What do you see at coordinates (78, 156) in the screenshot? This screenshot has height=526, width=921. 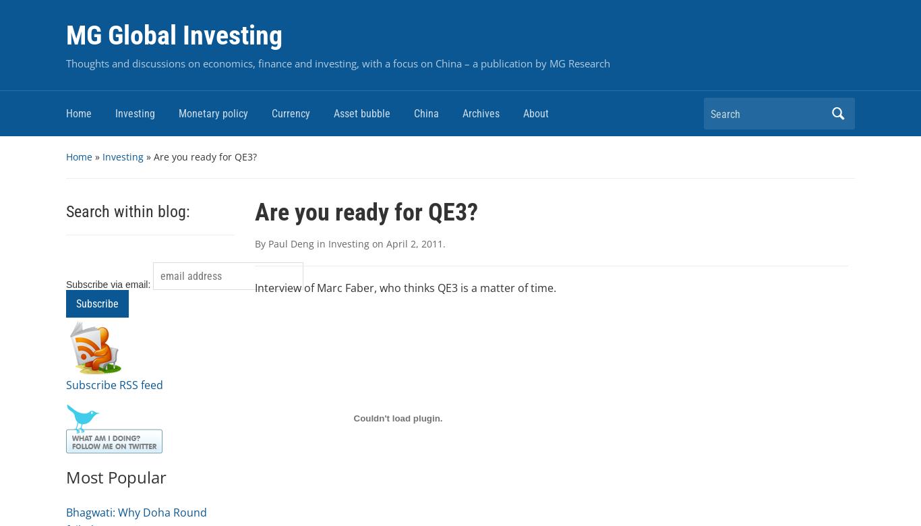 I see `'Home'` at bounding box center [78, 156].